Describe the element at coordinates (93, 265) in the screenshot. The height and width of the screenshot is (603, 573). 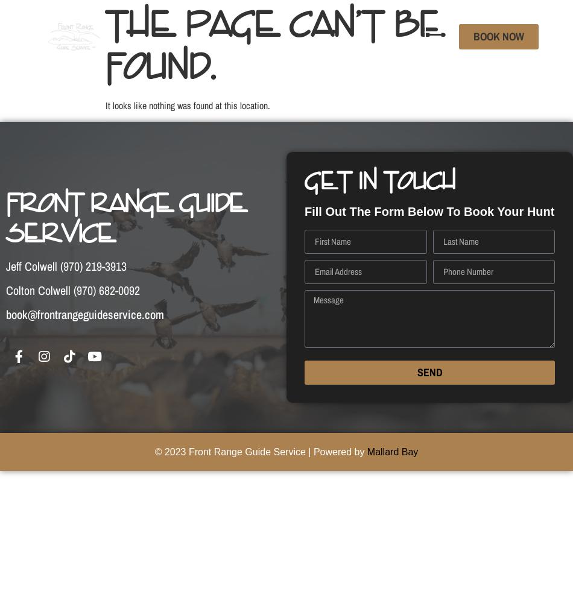
I see `'(970) 219-3913'` at that location.